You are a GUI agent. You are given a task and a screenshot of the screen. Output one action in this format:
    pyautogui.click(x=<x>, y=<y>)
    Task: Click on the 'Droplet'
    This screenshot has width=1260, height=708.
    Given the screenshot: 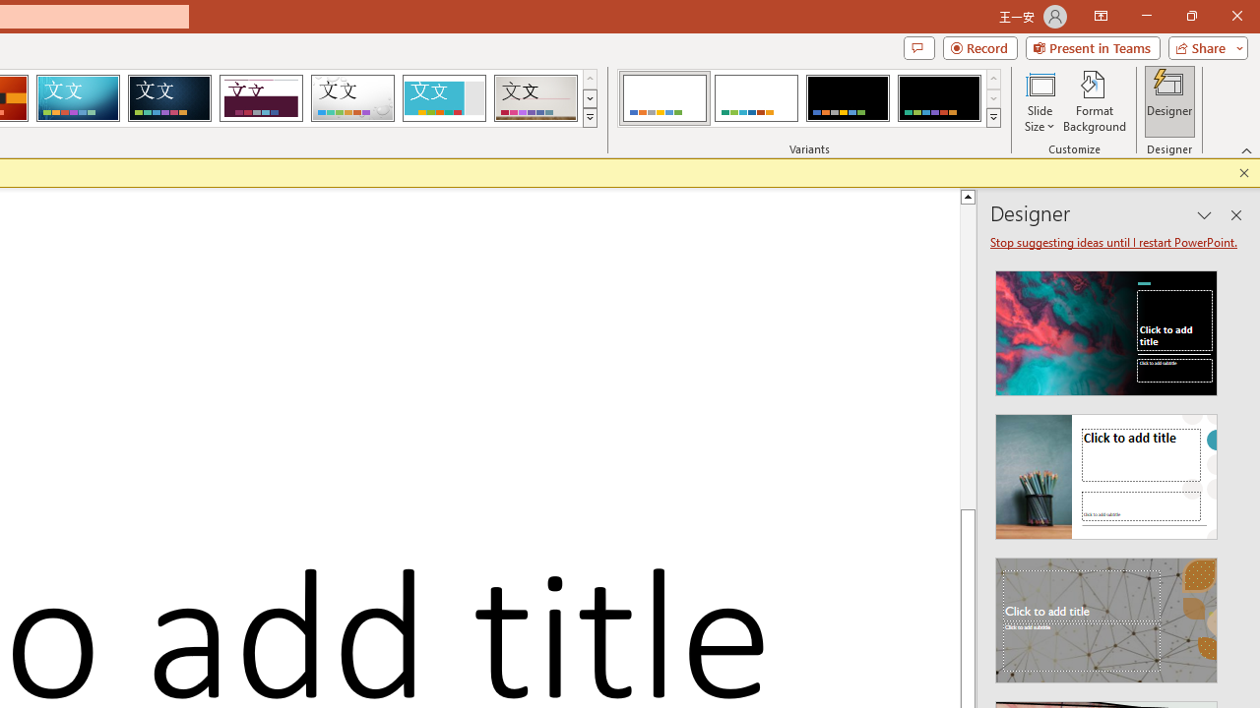 What is the action you would take?
    pyautogui.click(x=352, y=98)
    